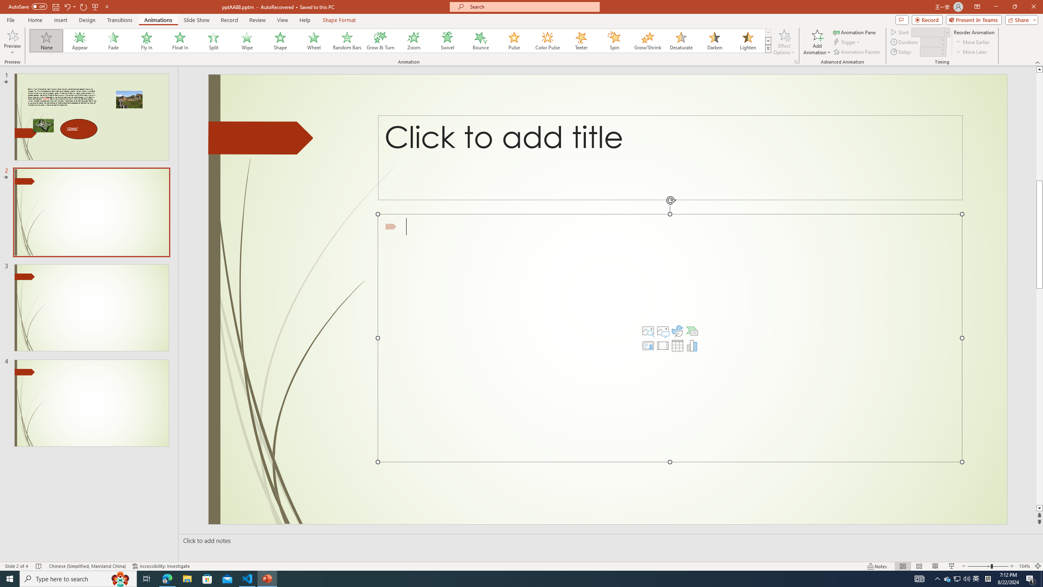  What do you see at coordinates (972, 42) in the screenshot?
I see `'Move Earlier'` at bounding box center [972, 42].